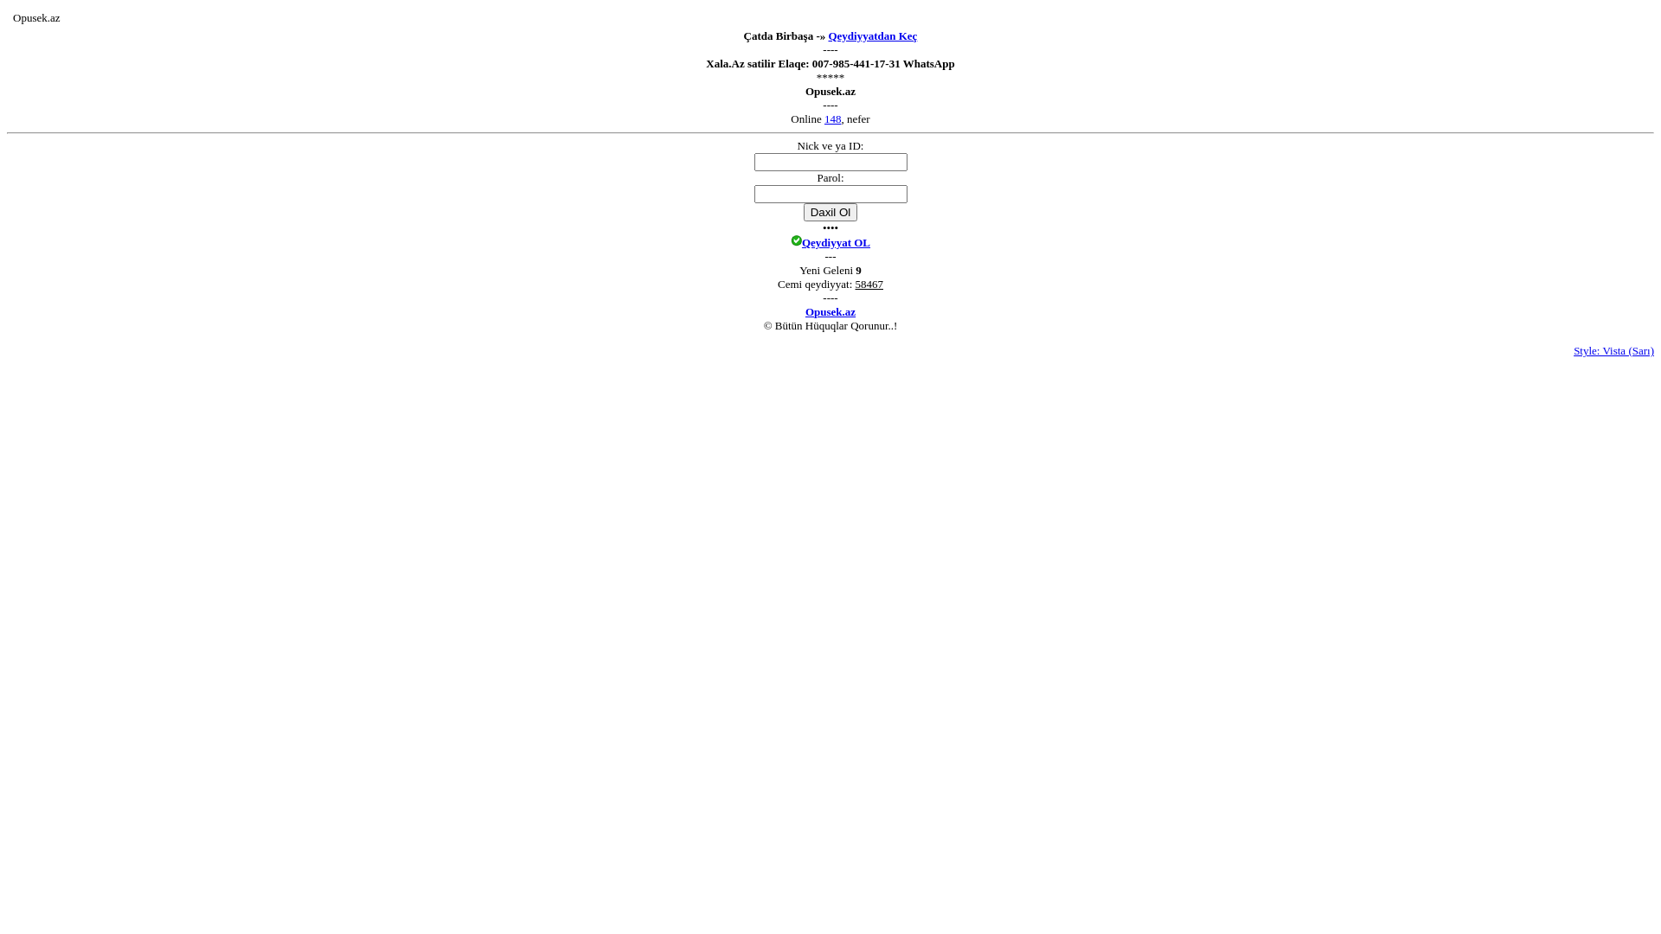  Describe the element at coordinates (830, 162) in the screenshot. I see `'nick'` at that location.